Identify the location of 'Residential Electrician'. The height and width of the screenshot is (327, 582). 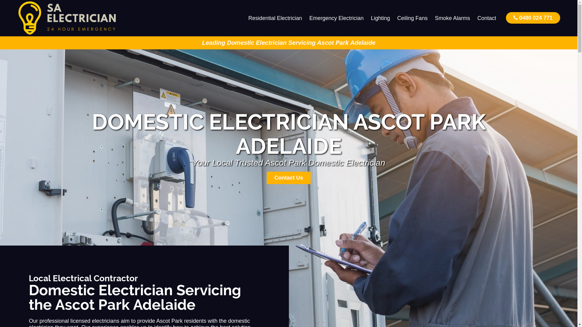
(275, 18).